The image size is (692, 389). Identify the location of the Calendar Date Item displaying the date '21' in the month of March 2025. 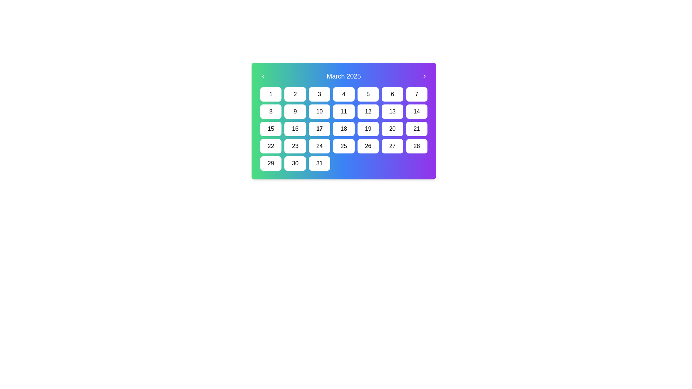
(417, 129).